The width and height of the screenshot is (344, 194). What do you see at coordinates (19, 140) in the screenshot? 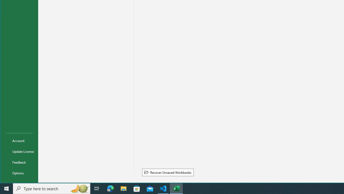
I see `'Account'` at bounding box center [19, 140].